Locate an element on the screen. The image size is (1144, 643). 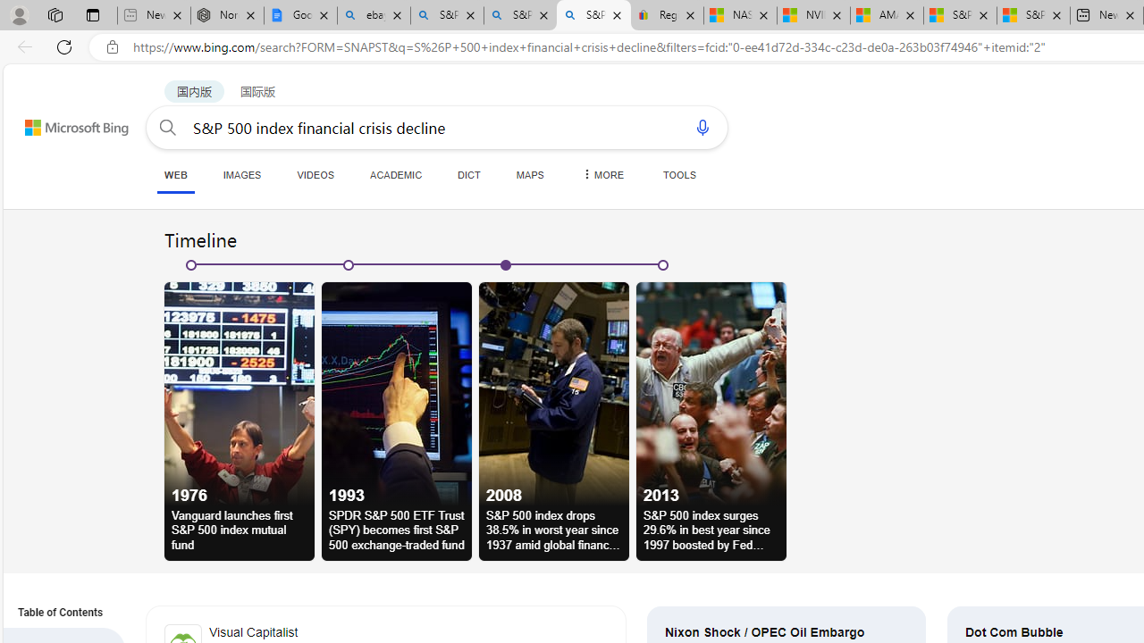
'TOOLS' is located at coordinates (678, 174).